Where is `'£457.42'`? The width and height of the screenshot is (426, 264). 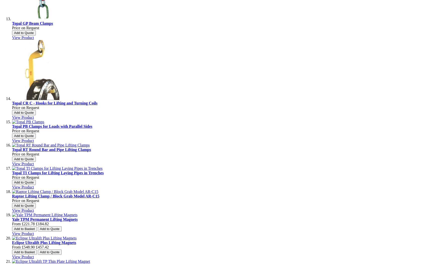
'£457.42' is located at coordinates (42, 247).